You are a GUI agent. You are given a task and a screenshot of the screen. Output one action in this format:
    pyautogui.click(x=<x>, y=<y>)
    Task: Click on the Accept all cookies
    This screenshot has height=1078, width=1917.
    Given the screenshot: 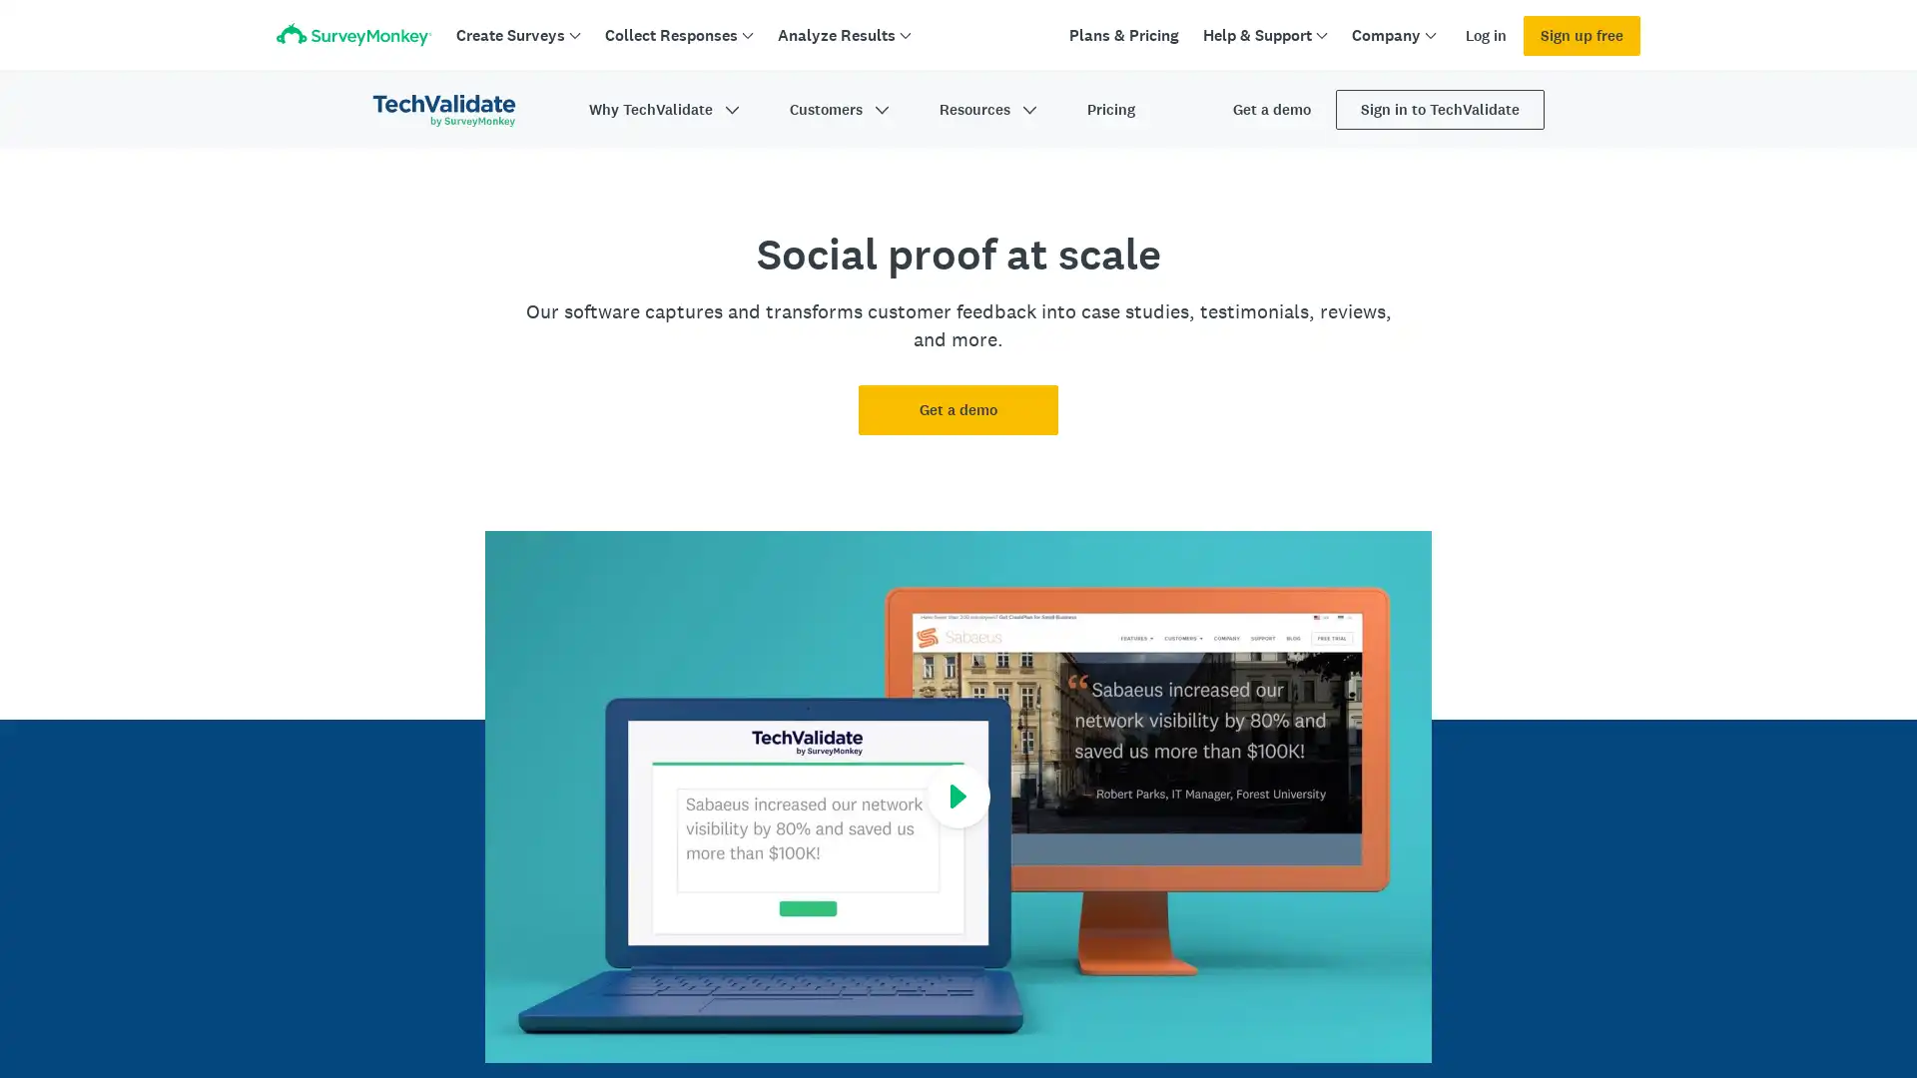 What is the action you would take?
    pyautogui.click(x=1546, y=1007)
    